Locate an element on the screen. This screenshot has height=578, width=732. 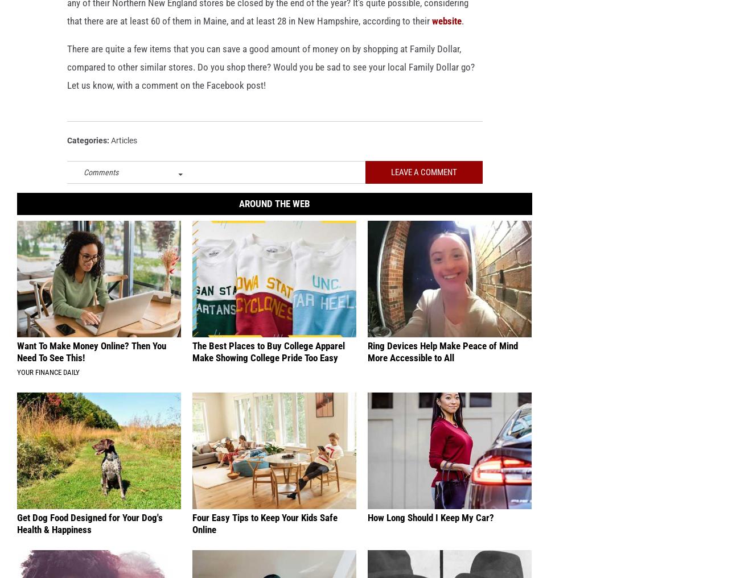
'There are quite a few items that you can save a good amount of money on by shopping at Family Dollar, compared to other similar stores. Do you shop there? Would you be sad to see your local Family Dollar go? Let us know, with a comment on the Facebook post!' is located at coordinates (67, 84).